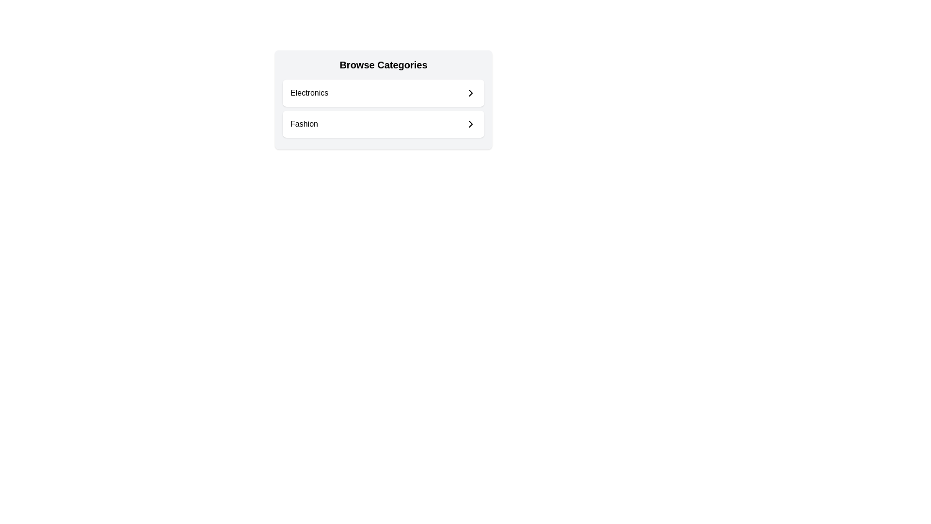  I want to click on the Chevron Arrow Symbol located in the right region of the 'Electronics' menu item within the 'Browse Categories' section, so click(470, 93).